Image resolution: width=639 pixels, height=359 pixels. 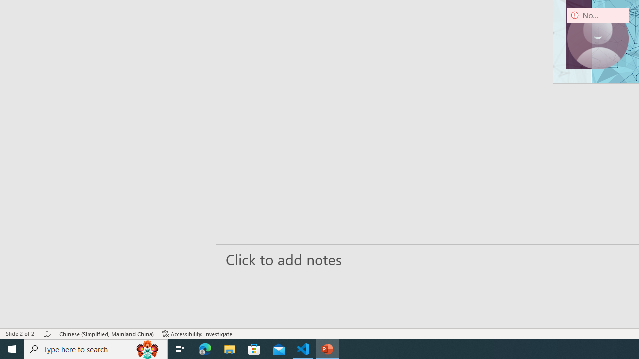 What do you see at coordinates (147, 348) in the screenshot?
I see `'Search highlights icon opens search home window'` at bounding box center [147, 348].